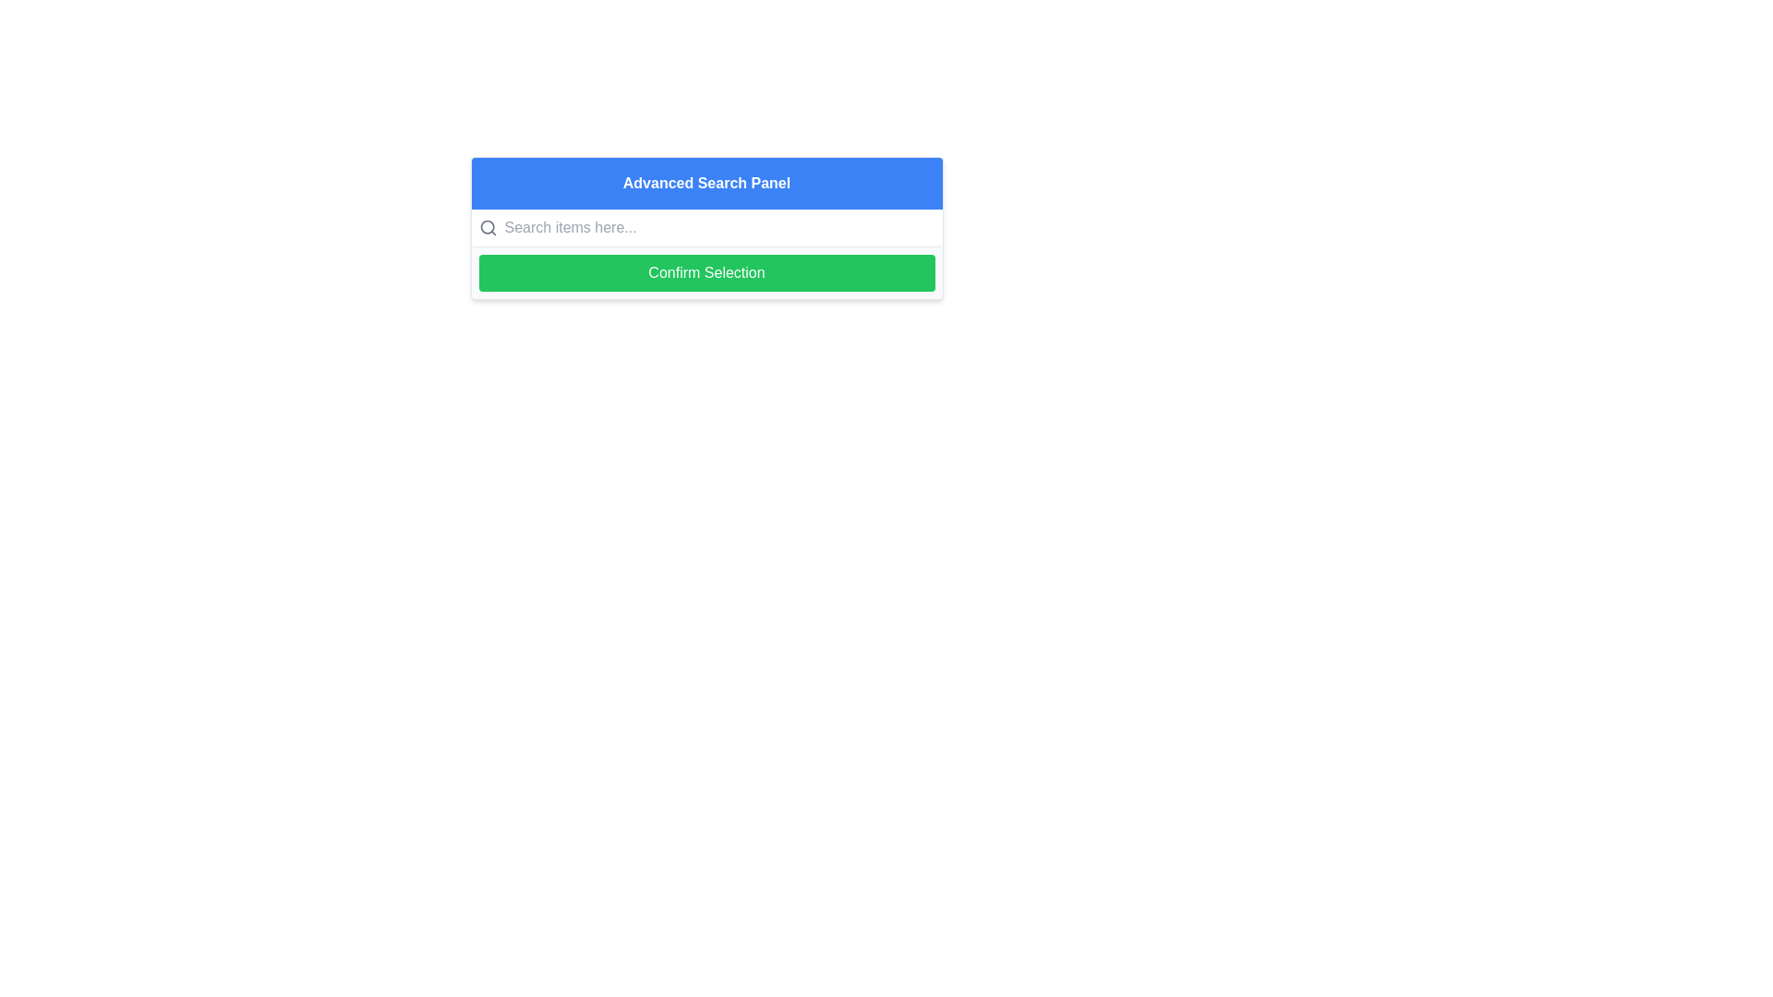  I want to click on the green rectangular button labeled 'Confirm Selection' in the 'Advanced Search Panel', so click(706, 273).